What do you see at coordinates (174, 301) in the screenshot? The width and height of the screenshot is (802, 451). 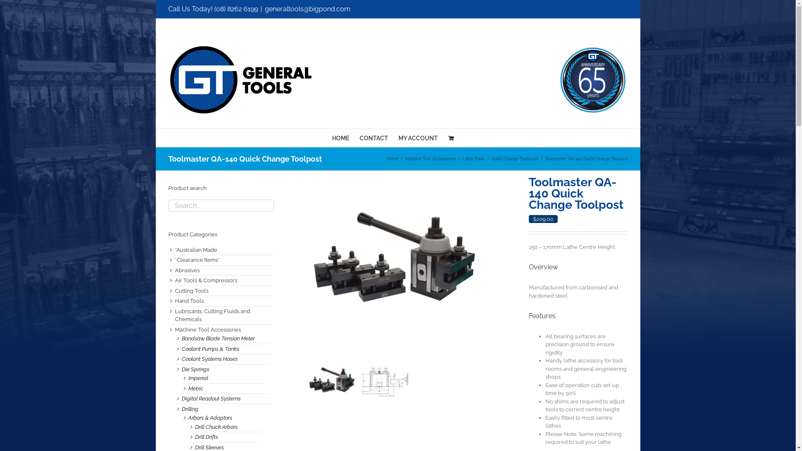 I see `'Hand Tools'` at bounding box center [174, 301].